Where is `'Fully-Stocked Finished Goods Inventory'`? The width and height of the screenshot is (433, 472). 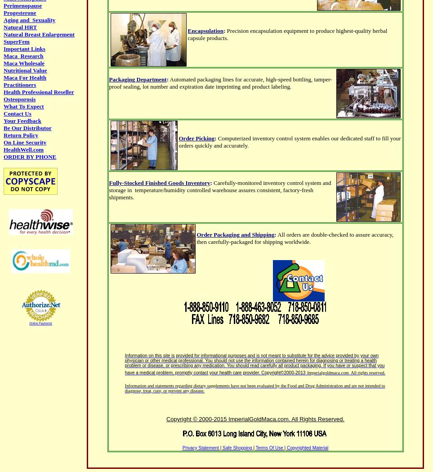
'Fully-Stocked Finished Goods Inventory' is located at coordinates (159, 182).